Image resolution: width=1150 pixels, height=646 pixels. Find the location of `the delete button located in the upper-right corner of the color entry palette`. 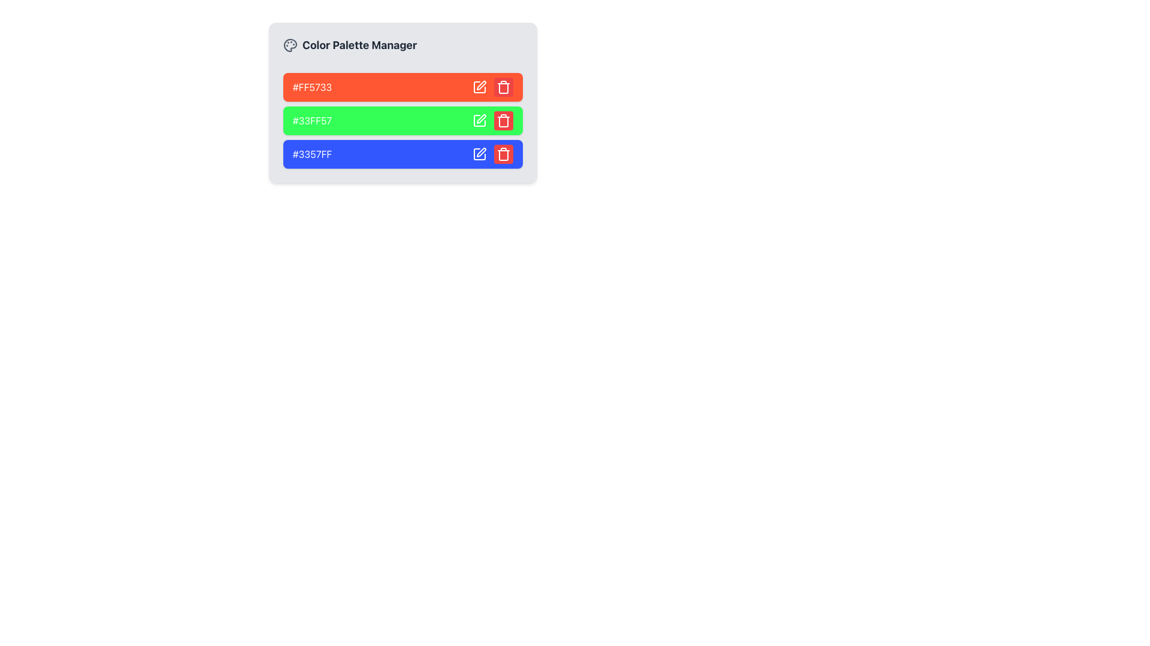

the delete button located in the upper-right corner of the color entry palette is located at coordinates (503, 87).